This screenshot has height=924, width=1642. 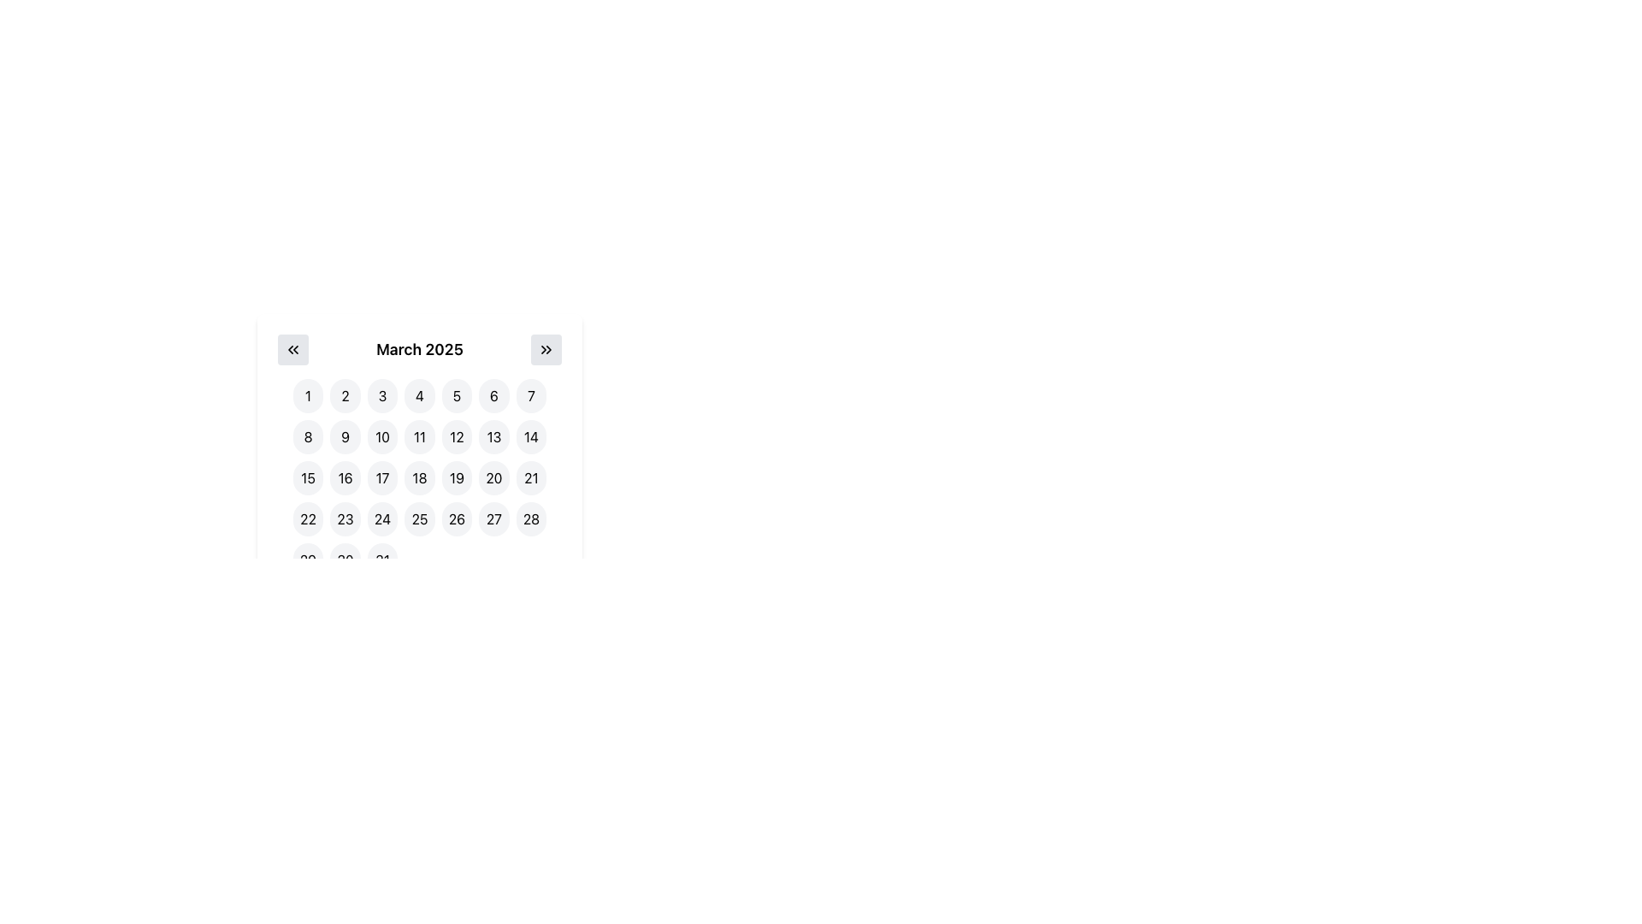 I want to click on the calendar day button representing the date '30' located in the bottom-right corner of the calendar grid, so click(x=344, y=560).